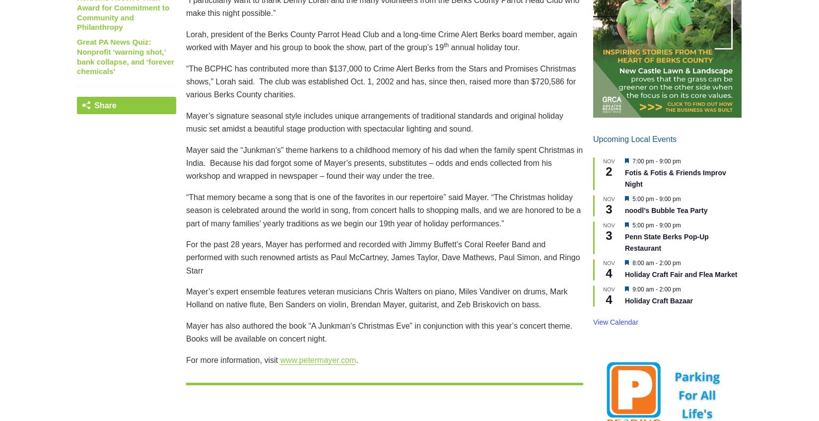 The height and width of the screenshot is (421, 819). What do you see at coordinates (631, 288) in the screenshot?
I see `'9:00 am'` at bounding box center [631, 288].